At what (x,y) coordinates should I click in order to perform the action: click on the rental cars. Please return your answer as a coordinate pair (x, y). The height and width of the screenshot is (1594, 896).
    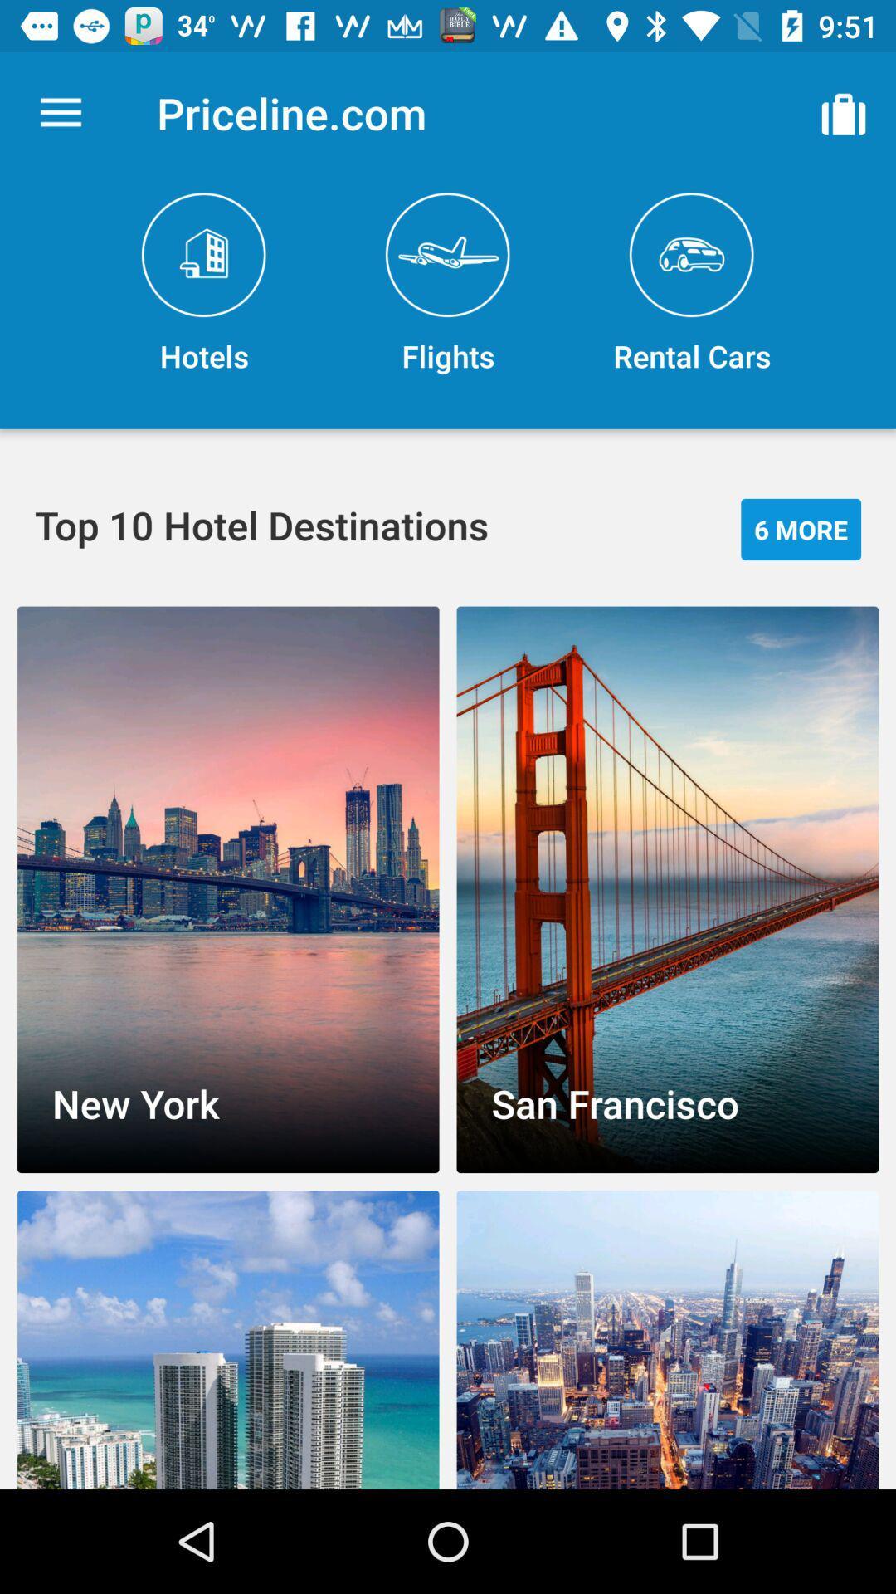
    Looking at the image, I should click on (691, 284).